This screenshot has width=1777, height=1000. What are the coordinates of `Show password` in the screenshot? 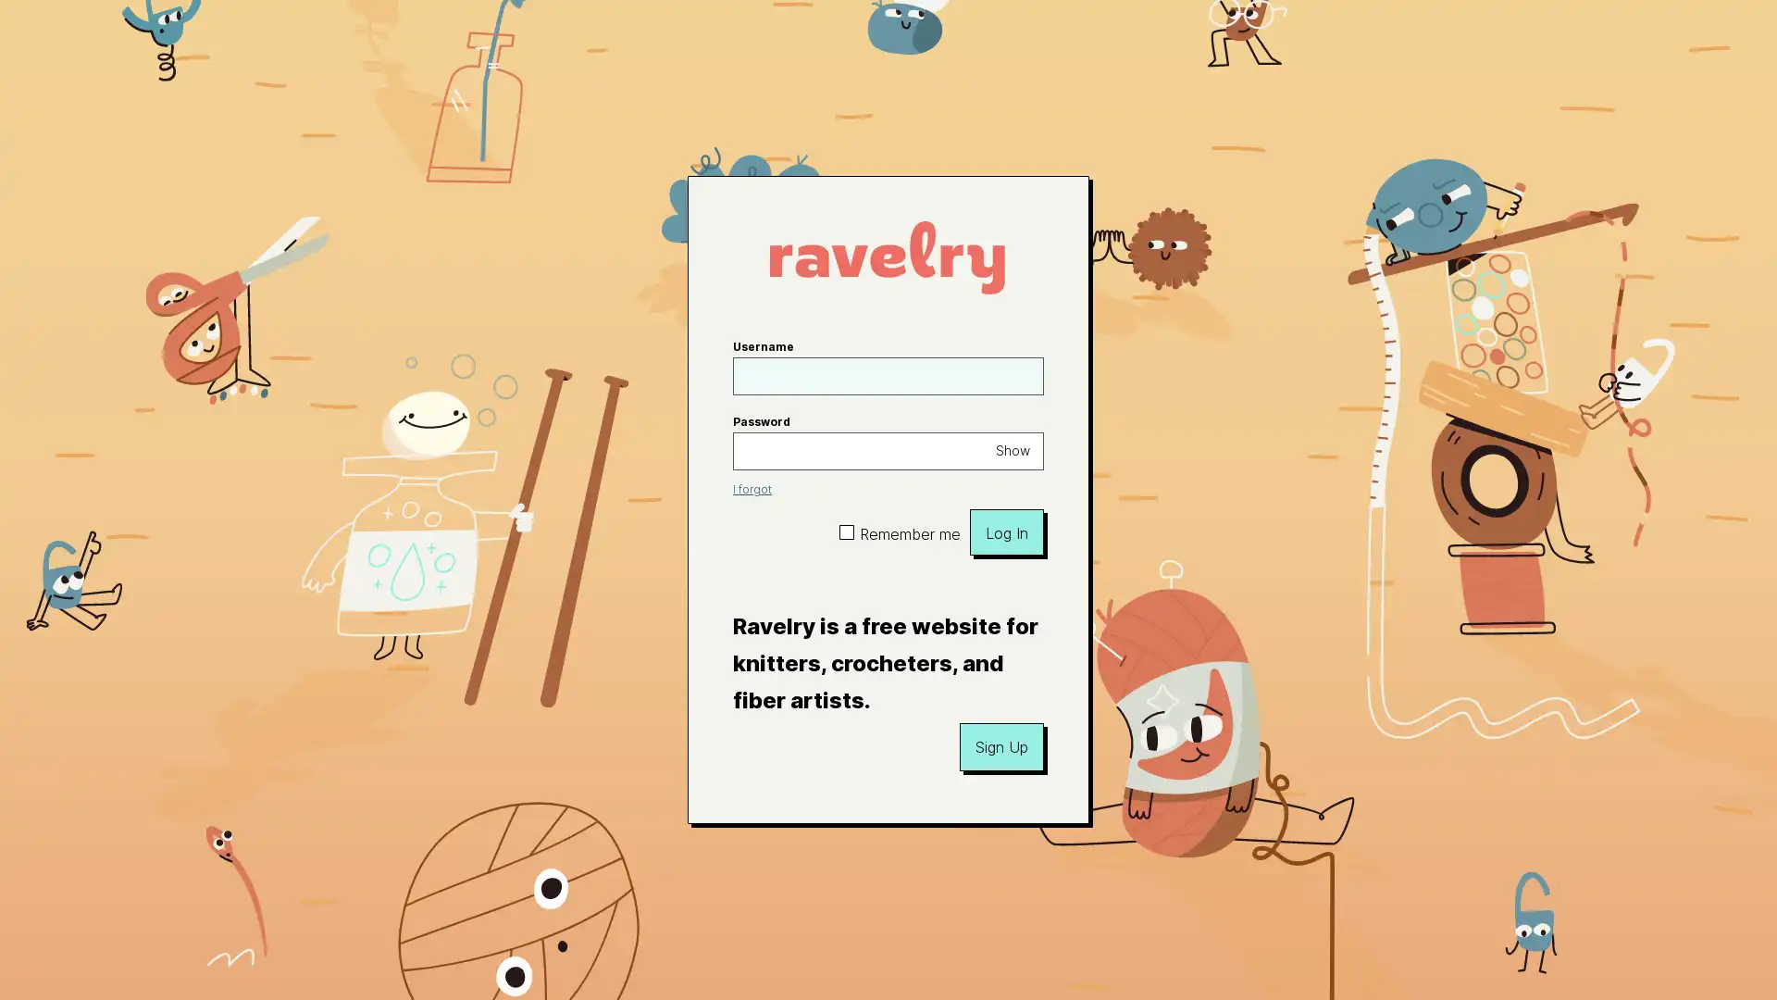 It's located at (1012, 450).